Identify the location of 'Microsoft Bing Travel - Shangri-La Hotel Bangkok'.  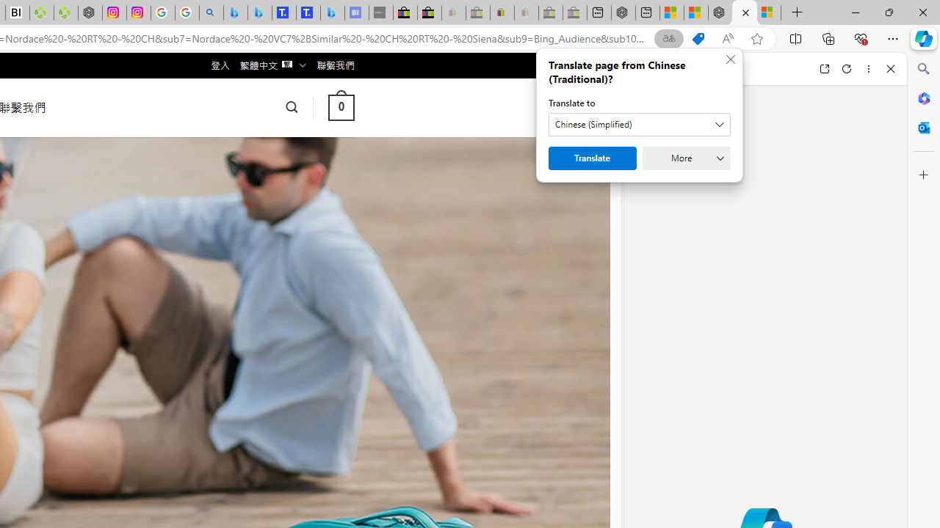
(331, 12).